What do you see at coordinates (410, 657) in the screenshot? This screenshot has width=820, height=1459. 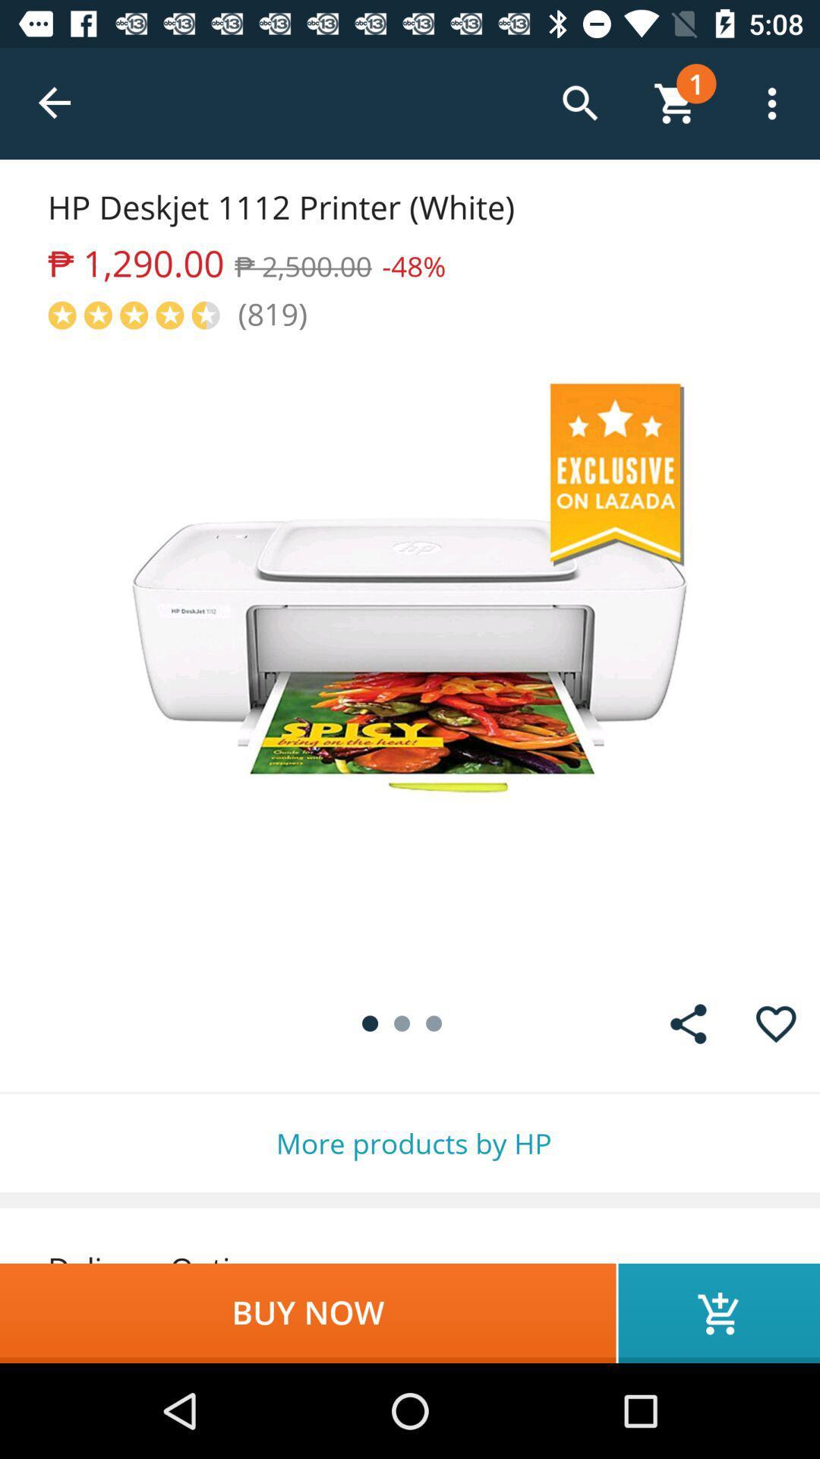 I see `enlarge the picture` at bounding box center [410, 657].